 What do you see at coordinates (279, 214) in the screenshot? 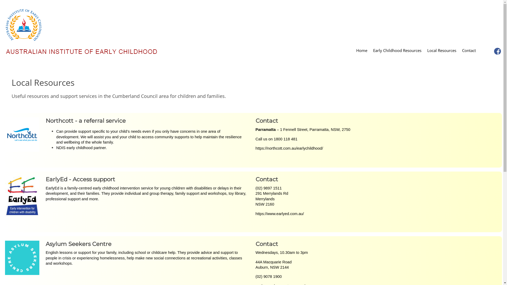
I see `'https://www.earlyed.com.au/'` at bounding box center [279, 214].